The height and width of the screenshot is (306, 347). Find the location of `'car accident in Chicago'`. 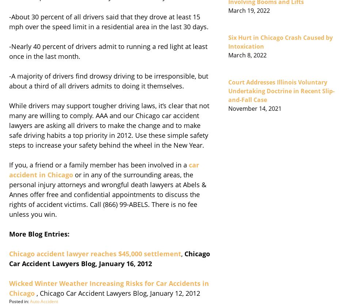

'car accident in Chicago' is located at coordinates (104, 169).